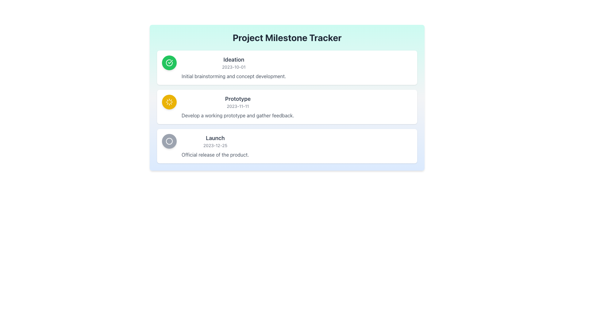 The image size is (589, 331). What do you see at coordinates (233, 67) in the screenshot?
I see `the milestone descriptor text block located in the first card of the vertical list of milestones, which is positioned to the right of a green circular icon` at bounding box center [233, 67].